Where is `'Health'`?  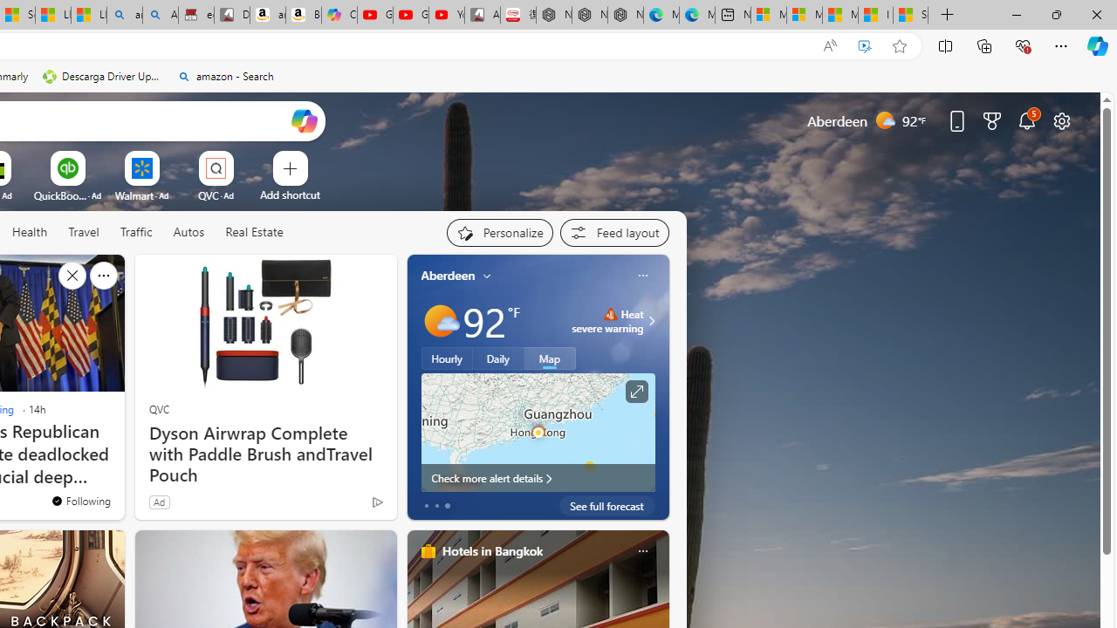 'Health' is located at coordinates (29, 232).